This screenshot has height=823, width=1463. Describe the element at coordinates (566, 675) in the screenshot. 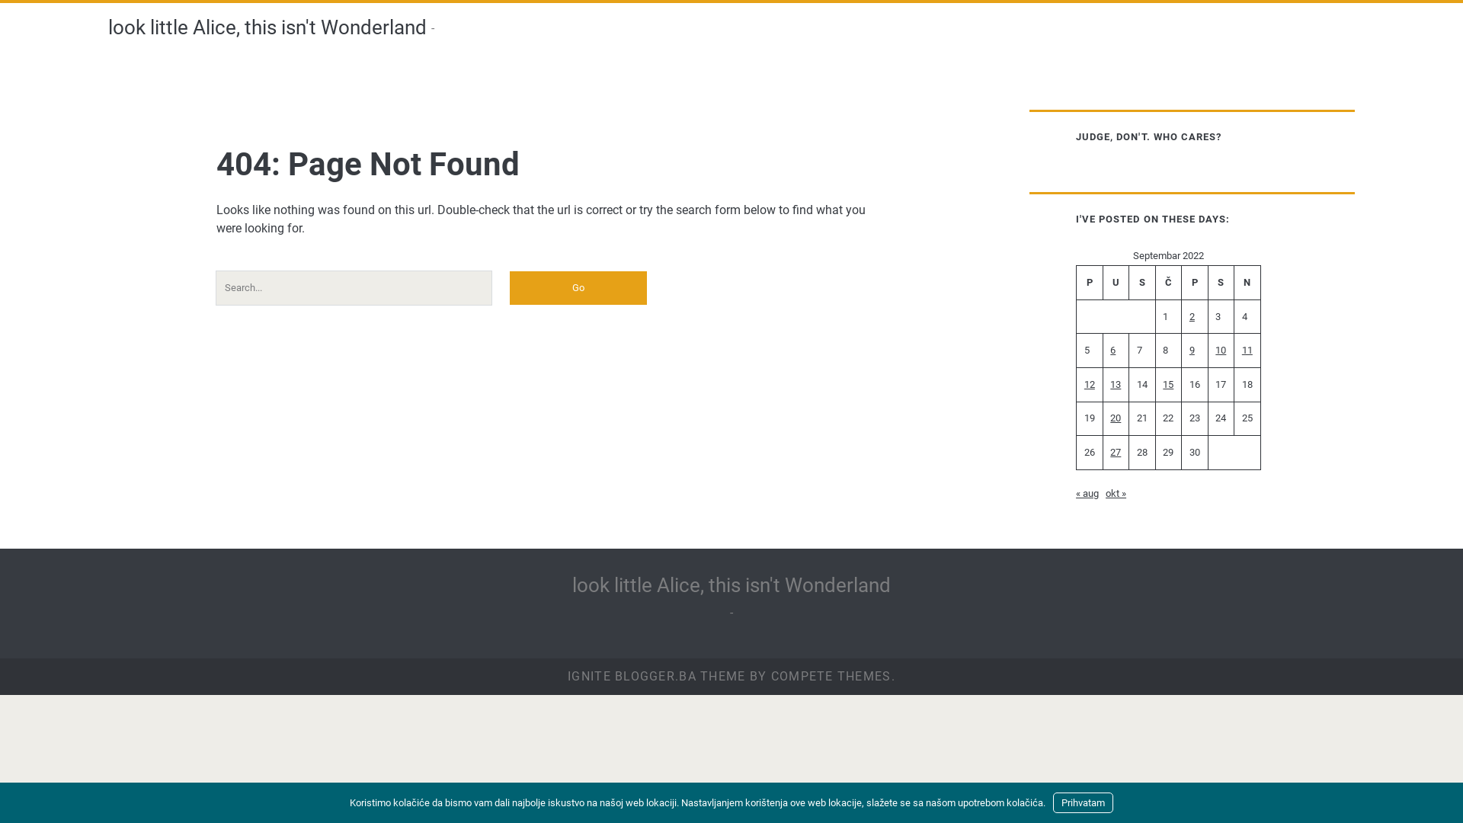

I see `'IGNITE BLOGGER.BA THEME'` at that location.